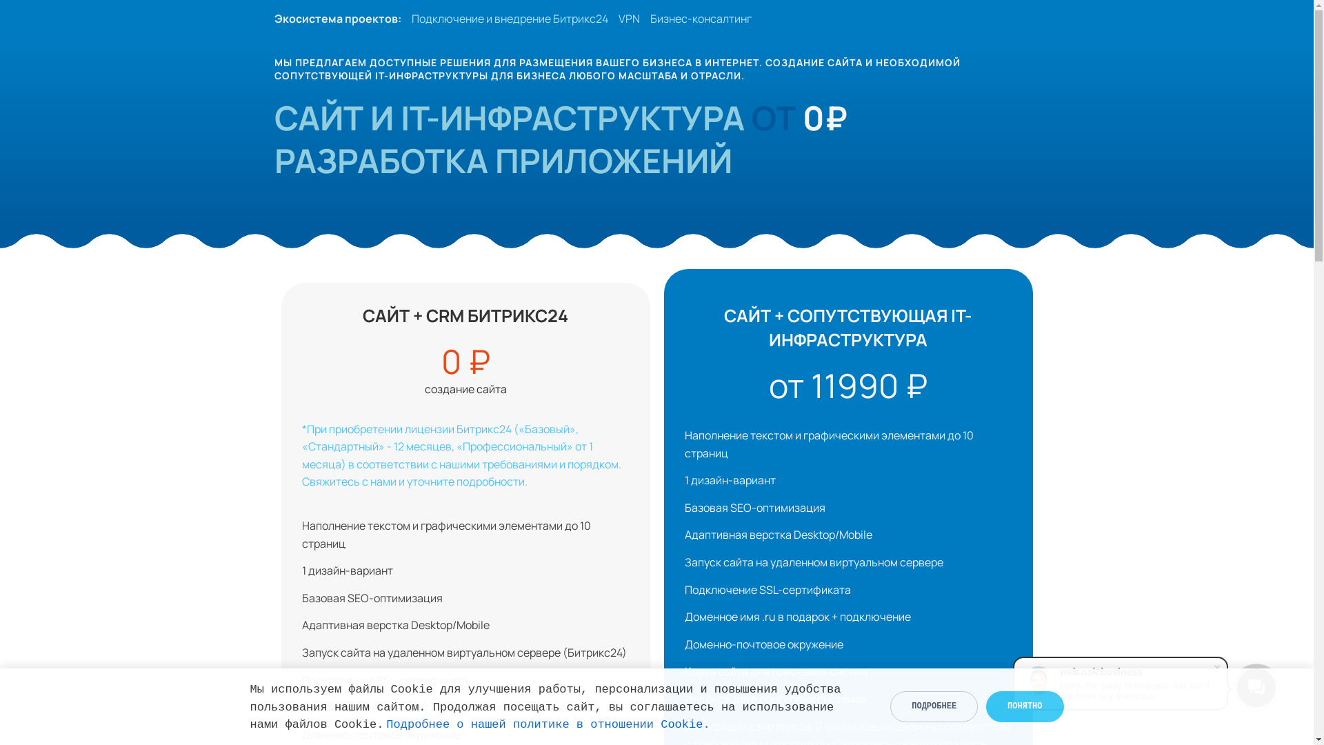  What do you see at coordinates (628, 19) in the screenshot?
I see `'VPN'` at bounding box center [628, 19].